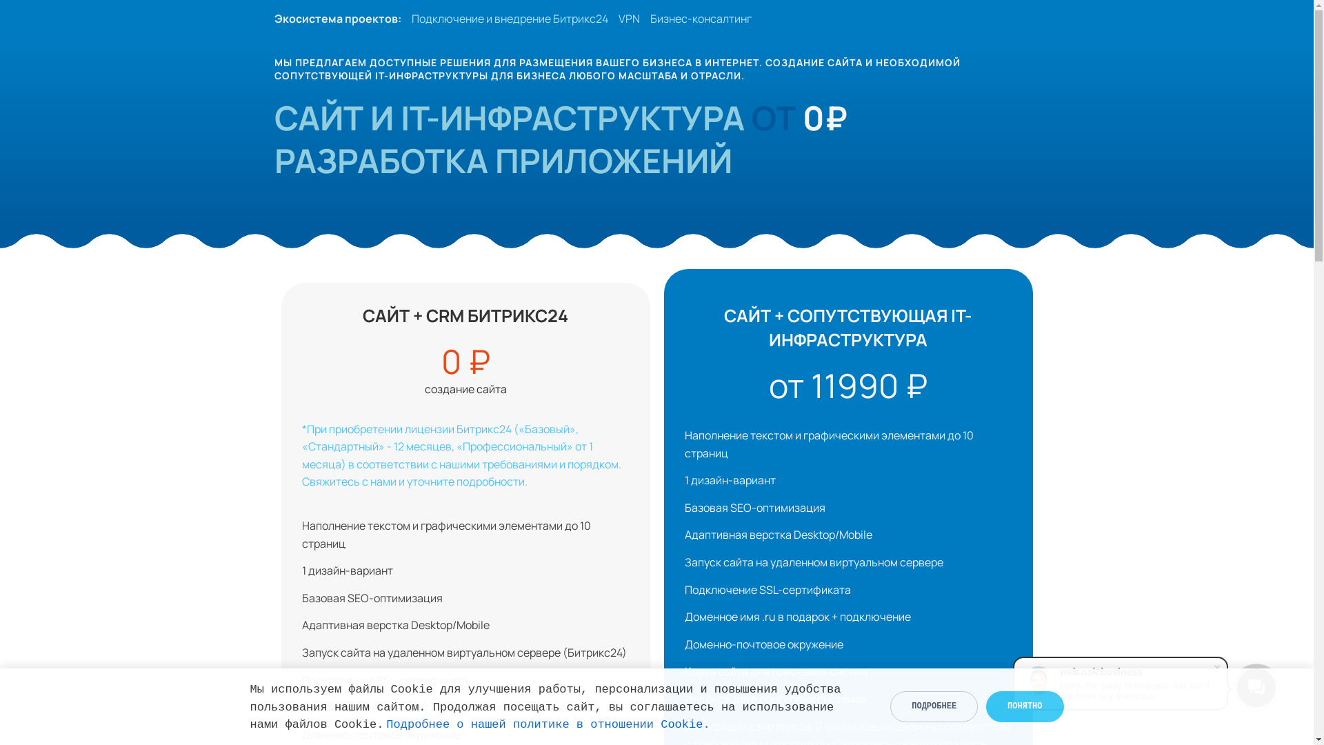  What do you see at coordinates (628, 19) in the screenshot?
I see `'VPN'` at bounding box center [628, 19].